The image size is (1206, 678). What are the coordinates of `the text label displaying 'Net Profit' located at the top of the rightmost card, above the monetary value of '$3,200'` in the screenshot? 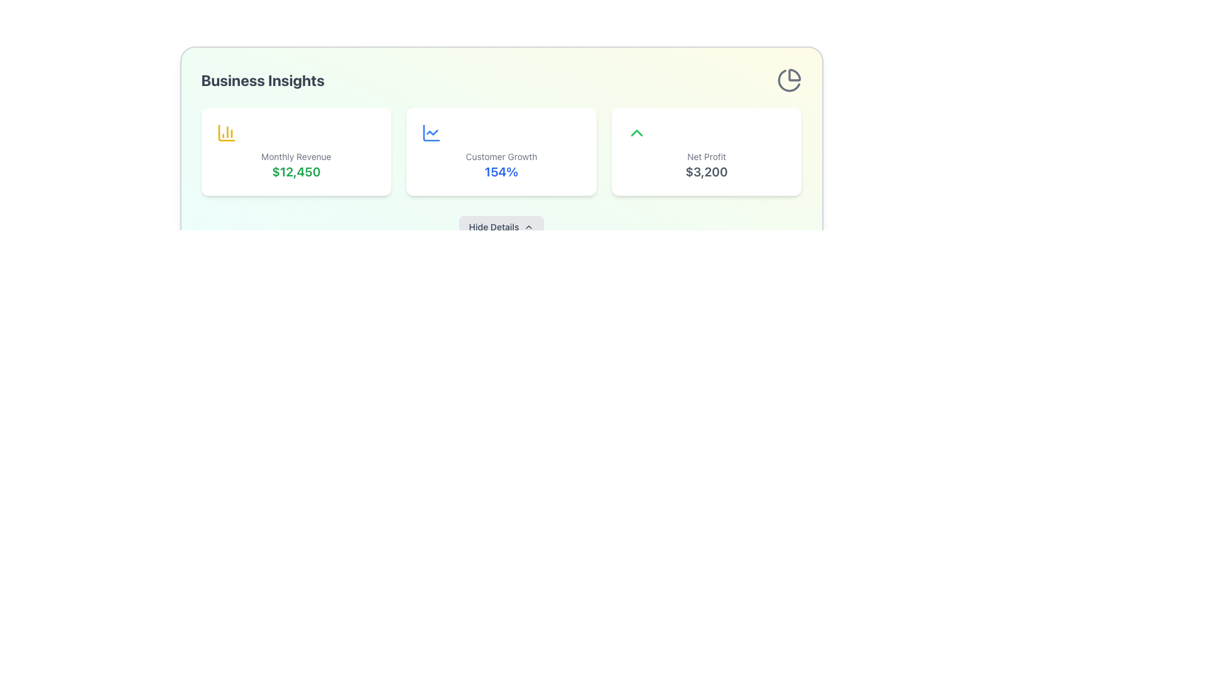 It's located at (707, 156).